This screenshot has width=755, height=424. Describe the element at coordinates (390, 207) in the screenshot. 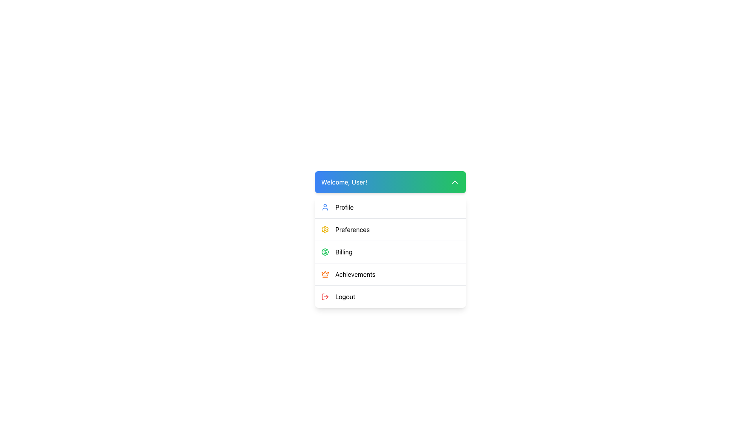

I see `the first item in the dropdown menu under 'Welcome, User!' for visual feedback` at that location.